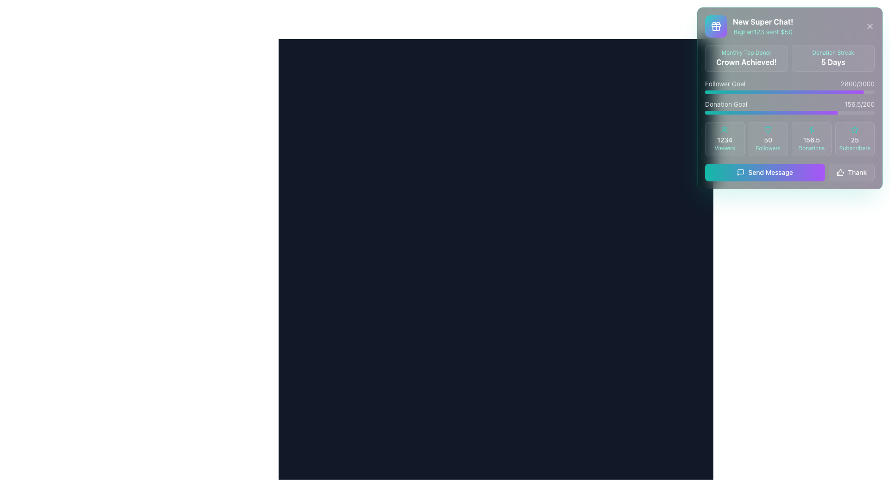 This screenshot has height=501, width=890. I want to click on text label displaying the duration of the donation streak located at the top-right corner of the card interface, so click(833, 62).